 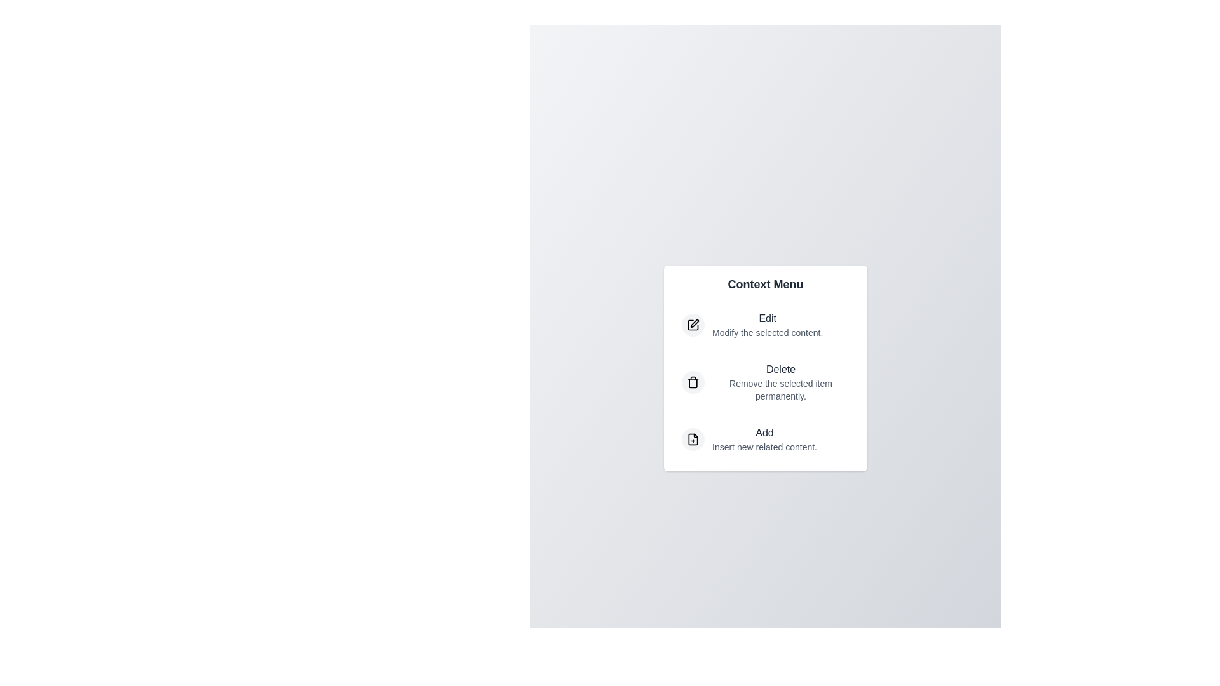 I want to click on the menu item labeled Edit to view its hover effect, so click(x=764, y=325).